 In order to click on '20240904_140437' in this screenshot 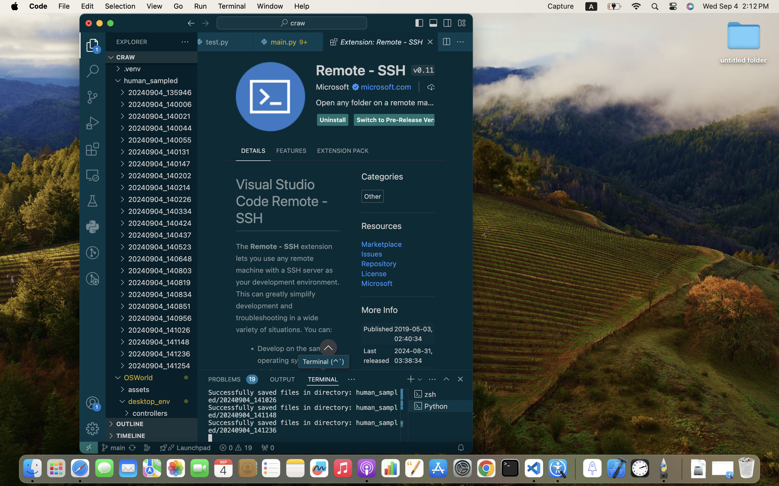, I will do `click(162, 235)`.